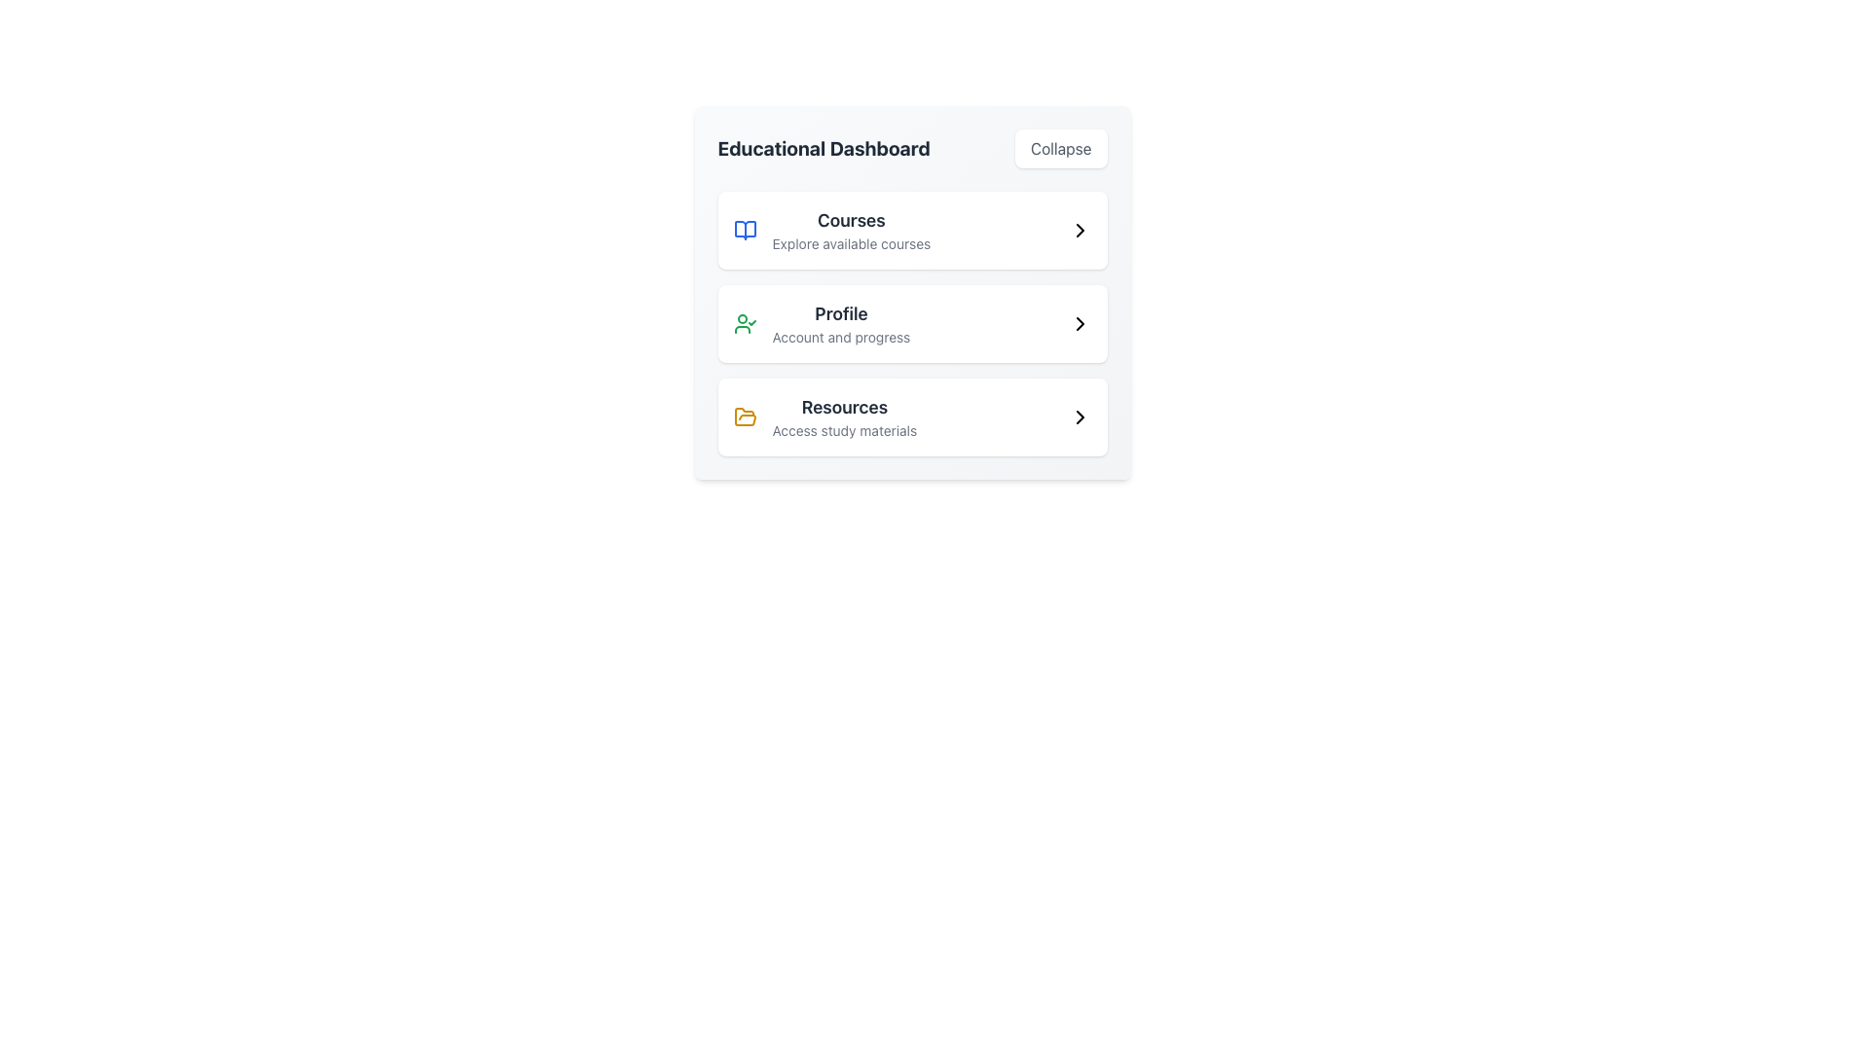 The width and height of the screenshot is (1869, 1051). What do you see at coordinates (1079, 322) in the screenshot?
I see `the navigation icon located in the second item of the vertical list within the 'Profile' section` at bounding box center [1079, 322].